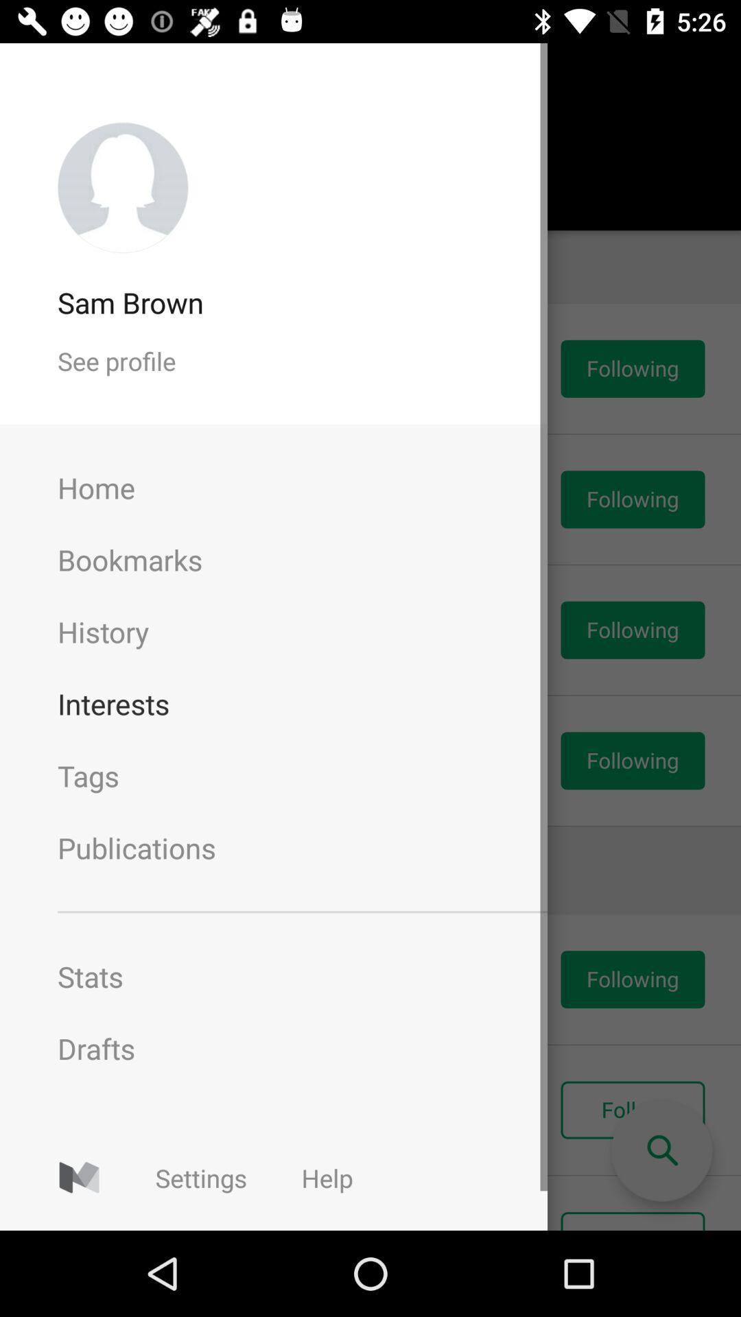 The image size is (741, 1317). Describe the element at coordinates (661, 1151) in the screenshot. I see `the search icon` at that location.